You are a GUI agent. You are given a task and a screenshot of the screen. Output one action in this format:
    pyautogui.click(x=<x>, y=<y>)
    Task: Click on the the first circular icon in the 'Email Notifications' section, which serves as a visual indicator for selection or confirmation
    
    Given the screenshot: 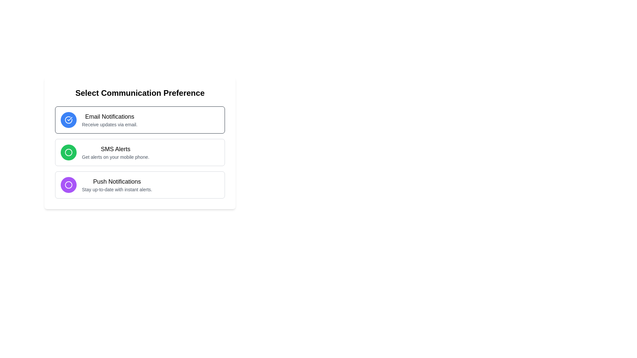 What is the action you would take?
    pyautogui.click(x=68, y=120)
    